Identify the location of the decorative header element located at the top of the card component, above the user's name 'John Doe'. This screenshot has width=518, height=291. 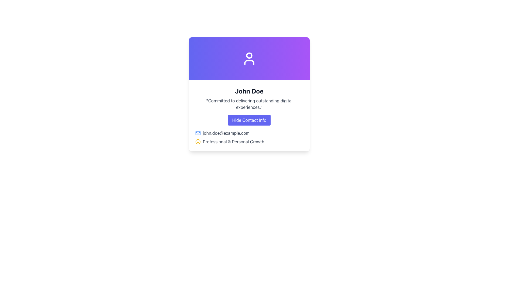
(249, 59).